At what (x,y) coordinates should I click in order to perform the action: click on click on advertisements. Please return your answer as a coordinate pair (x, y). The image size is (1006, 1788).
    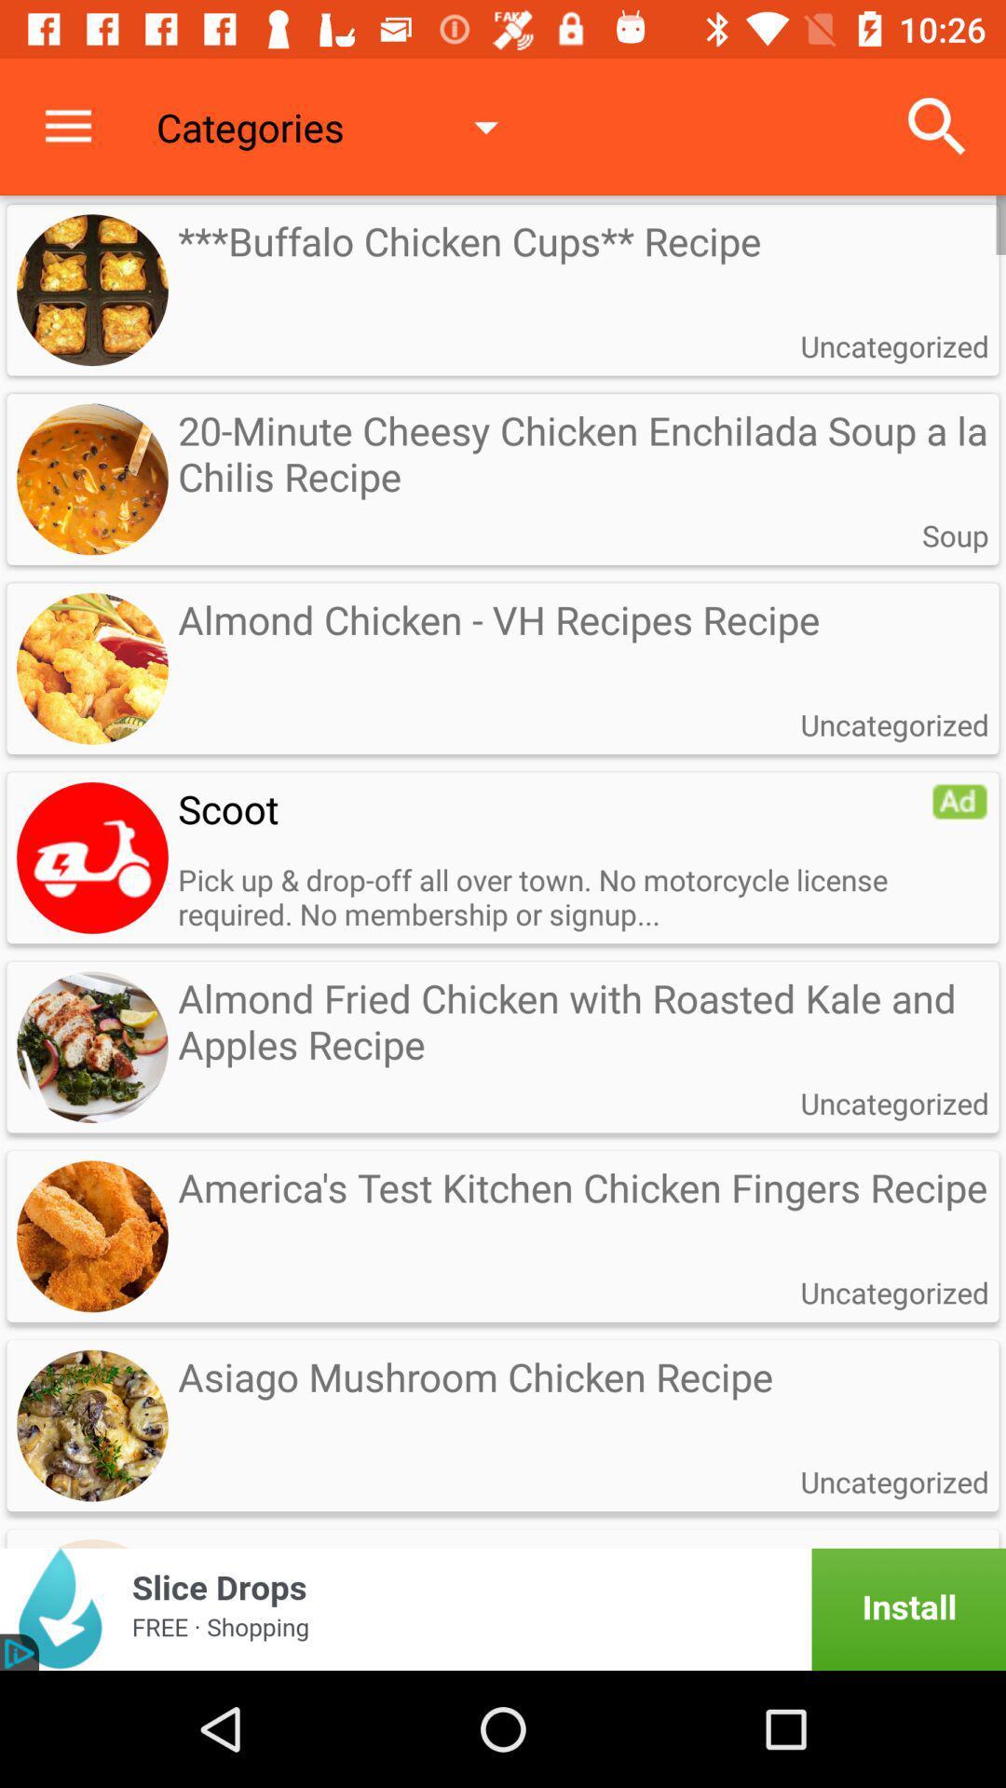
    Looking at the image, I should click on (503, 1608).